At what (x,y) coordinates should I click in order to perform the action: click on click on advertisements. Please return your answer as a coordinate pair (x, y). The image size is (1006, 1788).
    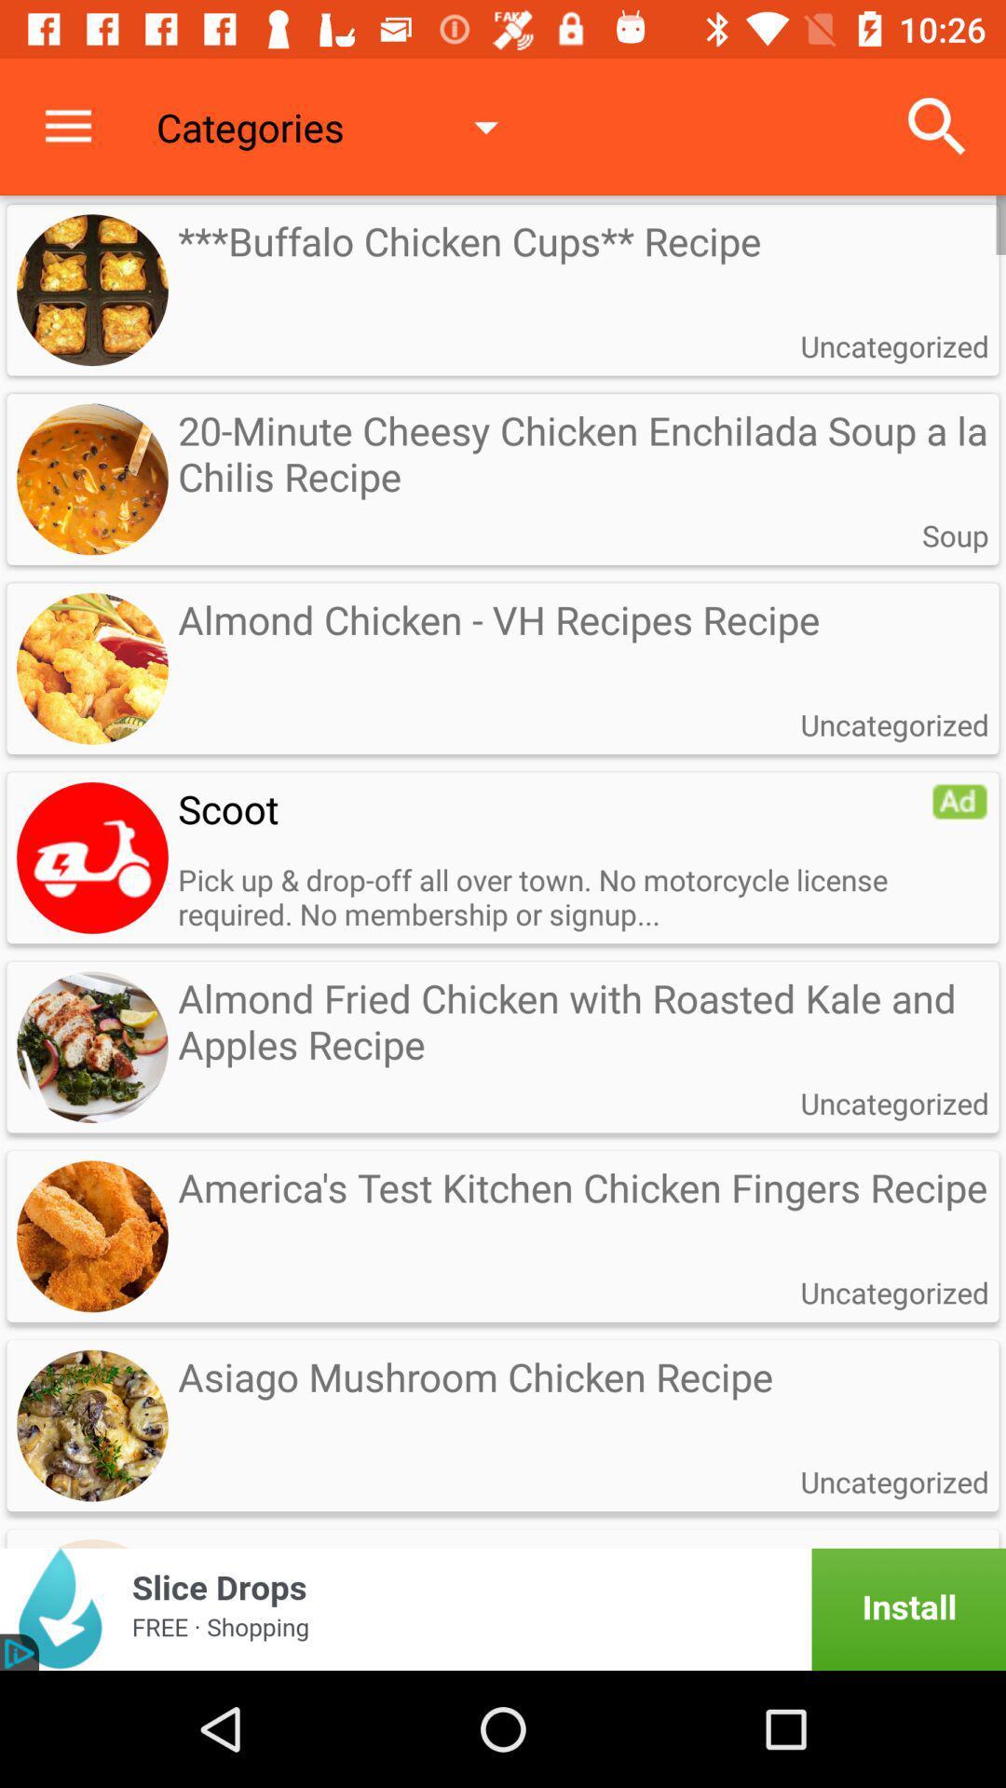
    Looking at the image, I should click on (503, 1608).